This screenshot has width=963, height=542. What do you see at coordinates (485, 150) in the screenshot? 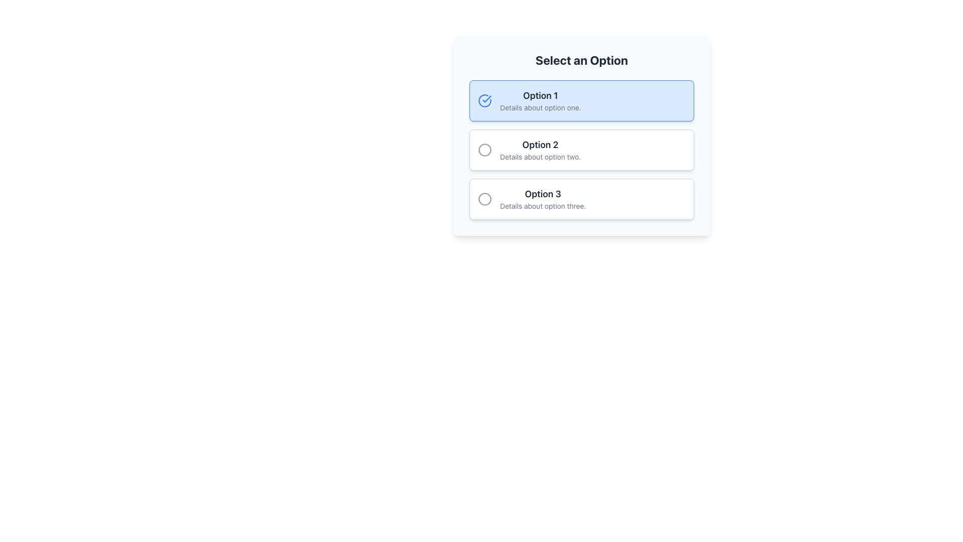
I see `the circular SVG graphic element that represents the second option ('Option 2') in the list of three selectable options` at bounding box center [485, 150].